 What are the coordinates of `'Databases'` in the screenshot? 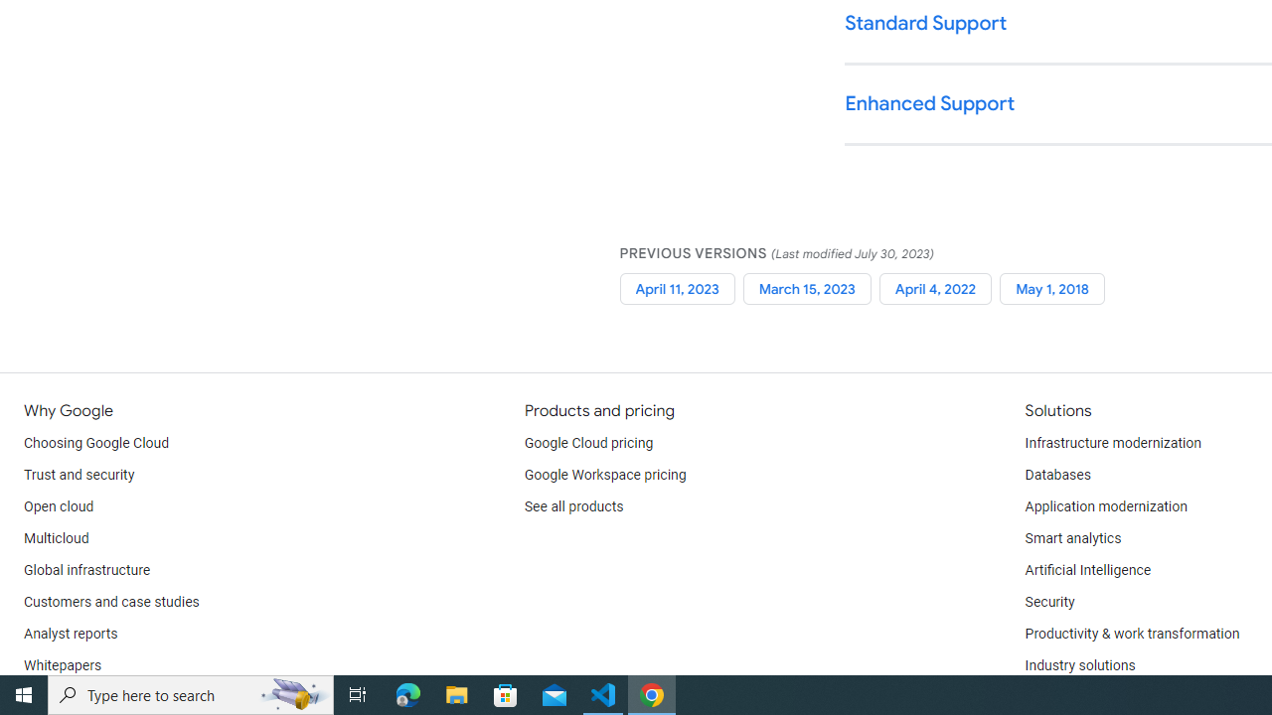 It's located at (1056, 476).